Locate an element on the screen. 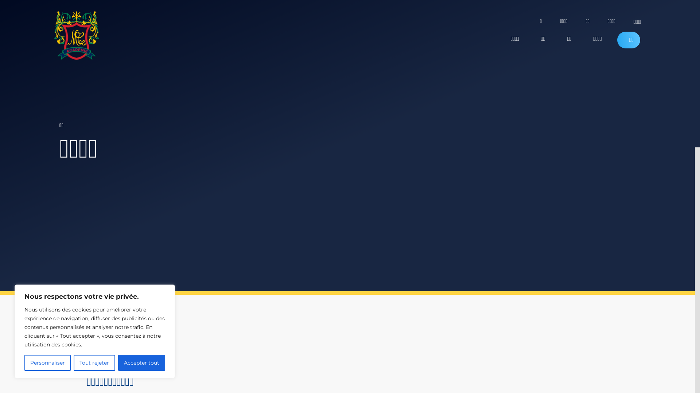 This screenshot has width=700, height=393. 'Accepter tout' is located at coordinates (141, 362).